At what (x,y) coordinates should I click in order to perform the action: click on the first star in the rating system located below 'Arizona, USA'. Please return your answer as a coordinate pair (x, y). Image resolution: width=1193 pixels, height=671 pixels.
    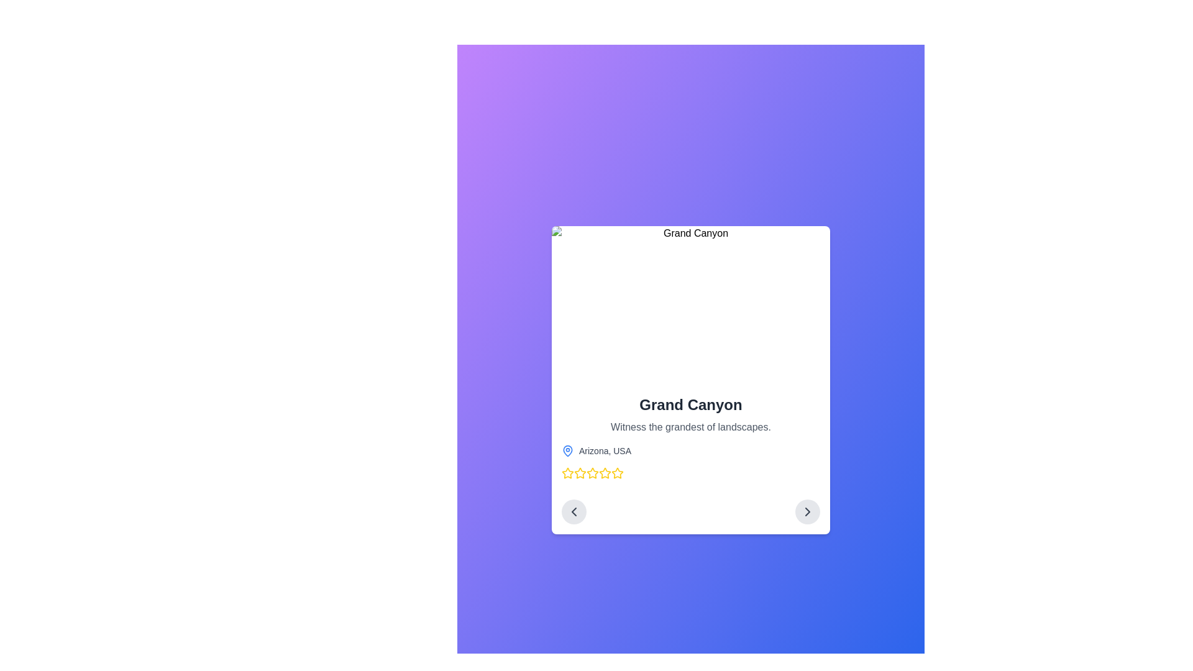
    Looking at the image, I should click on (567, 473).